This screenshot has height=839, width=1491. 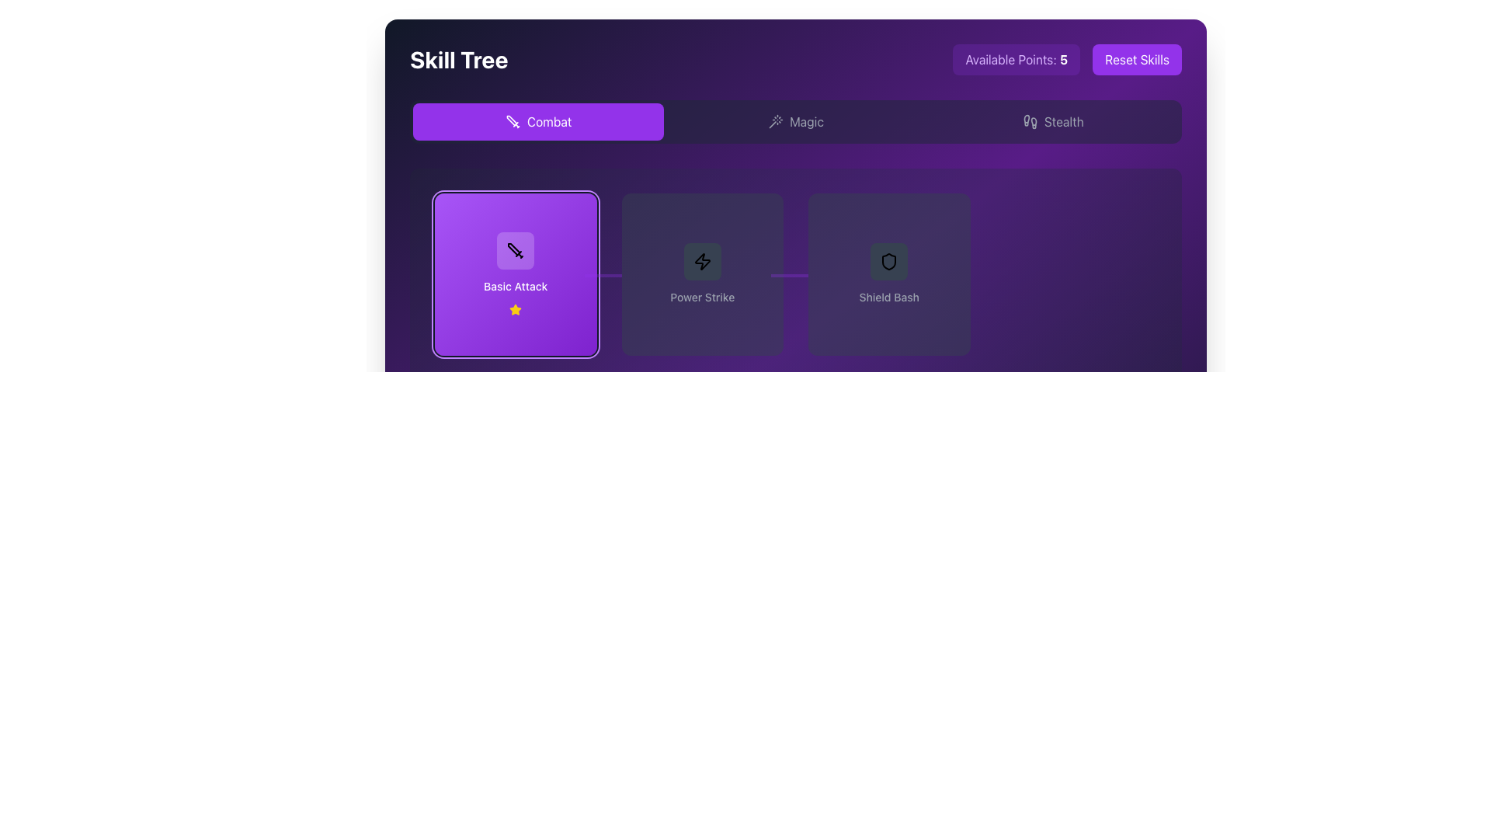 I want to click on the 'Basic Attack' skill button located in the top left corner of the skill tree interface, so click(x=516, y=273).